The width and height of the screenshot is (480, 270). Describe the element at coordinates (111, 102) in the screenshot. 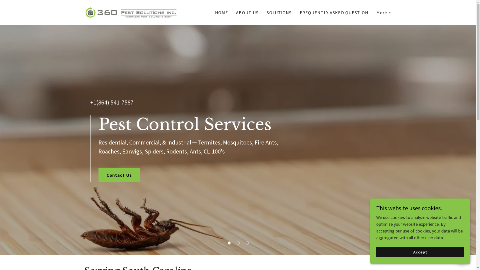

I see `'+1(864) 541-7587'` at that location.